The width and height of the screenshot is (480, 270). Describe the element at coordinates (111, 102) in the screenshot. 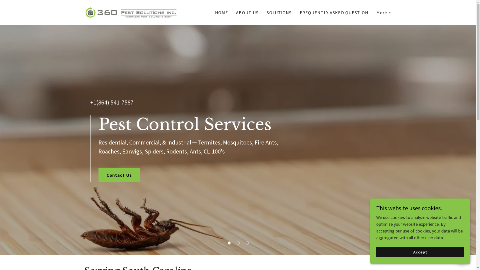

I see `'+1(864) 541-7587'` at that location.